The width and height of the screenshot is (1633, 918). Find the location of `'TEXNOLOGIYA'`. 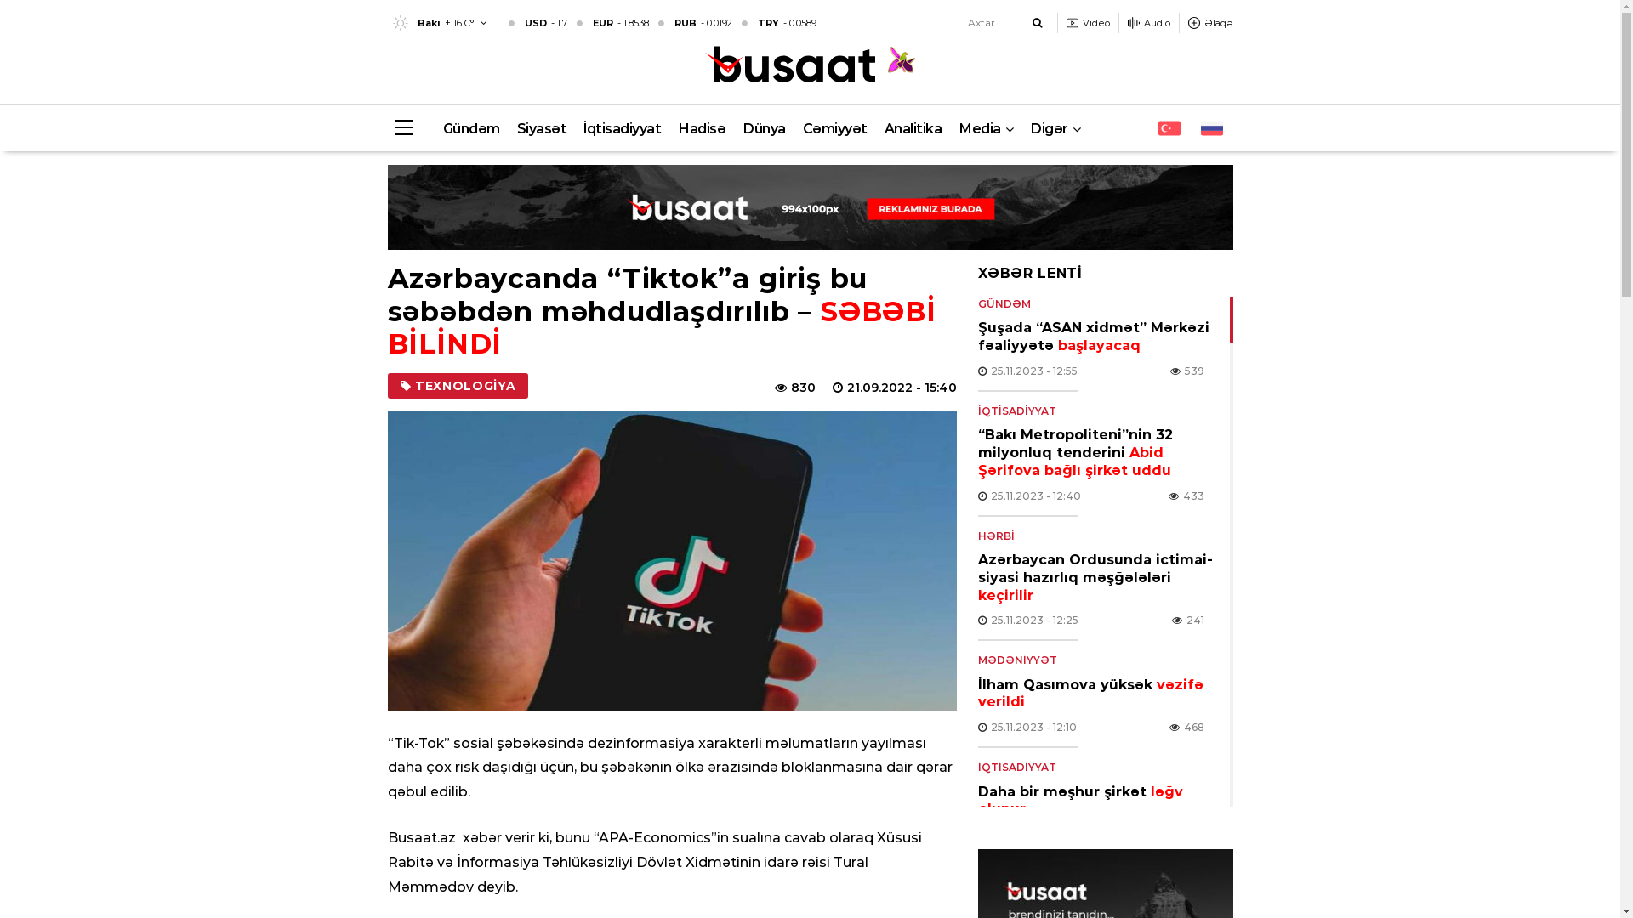

'TEXNOLOGIYA' is located at coordinates (399, 386).